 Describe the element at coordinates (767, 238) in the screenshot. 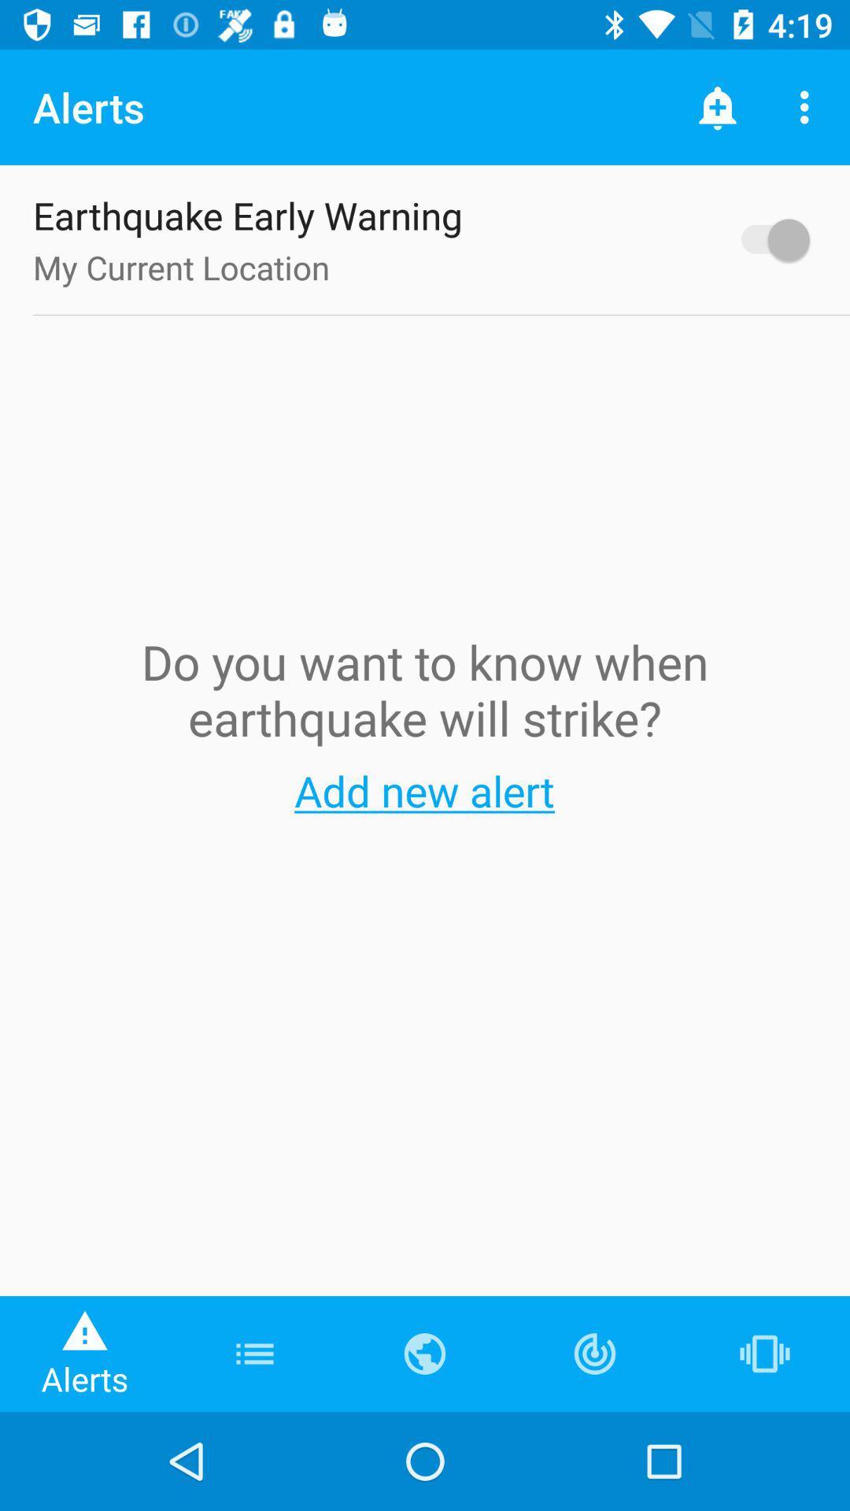

I see `earthquake warning` at that location.